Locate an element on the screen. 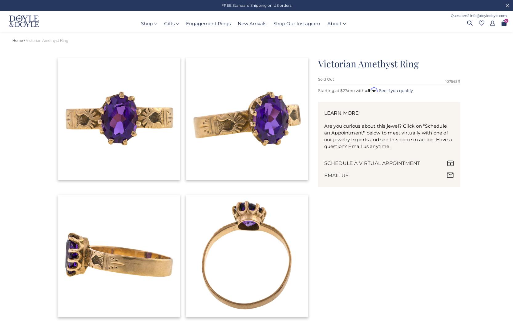  'Email US' is located at coordinates (336, 175).